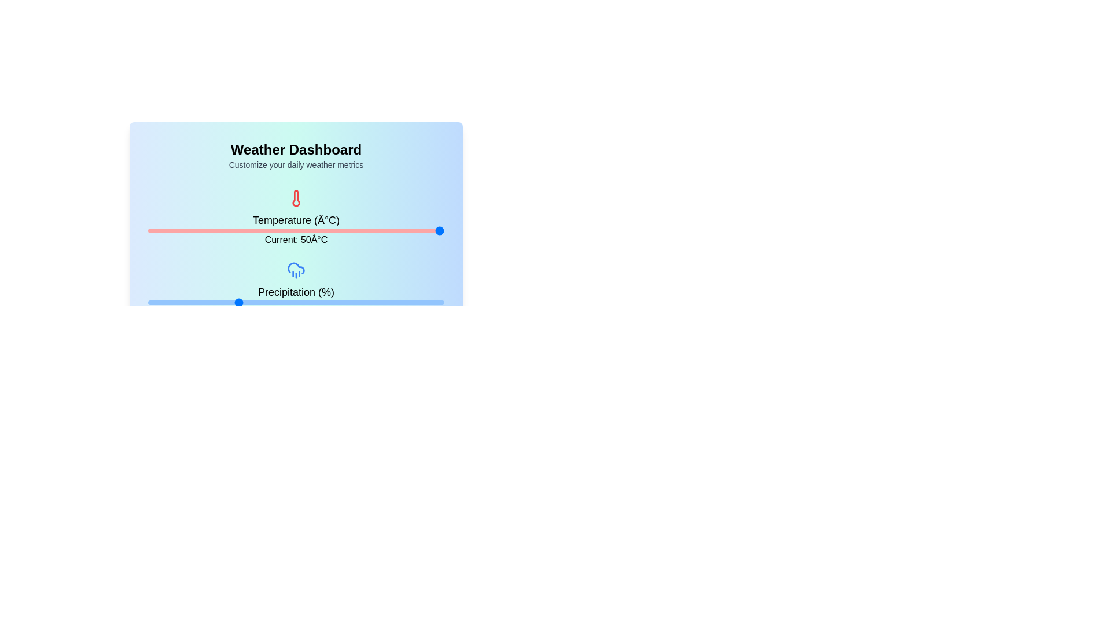 The height and width of the screenshot is (625, 1111). What do you see at coordinates (296, 165) in the screenshot?
I see `the static text element that provides descriptive context for the Weather Dashboard, located centrally below the 'Weather Dashboard' header` at bounding box center [296, 165].